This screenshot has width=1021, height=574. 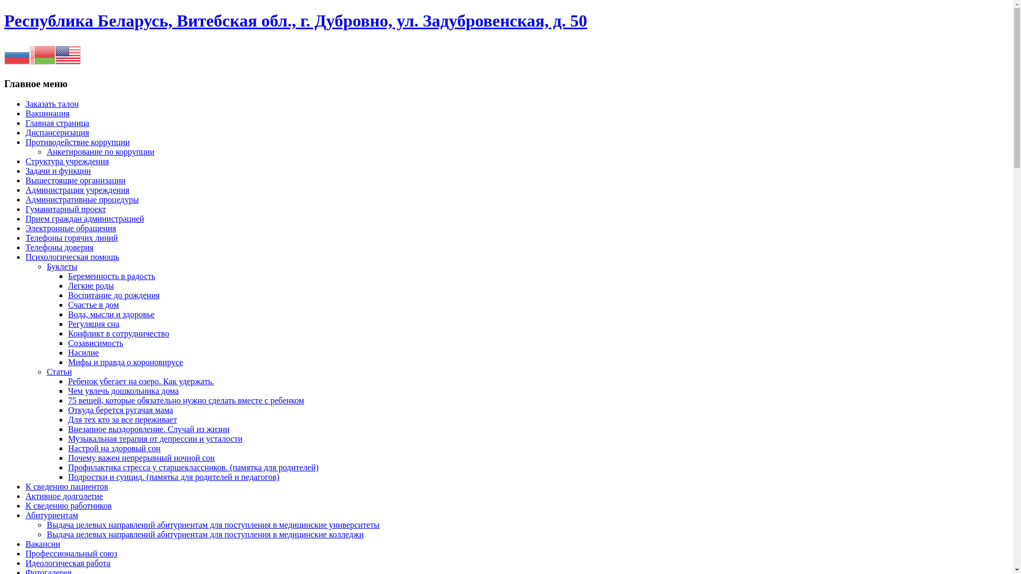 I want to click on 'Russian', so click(x=17, y=54).